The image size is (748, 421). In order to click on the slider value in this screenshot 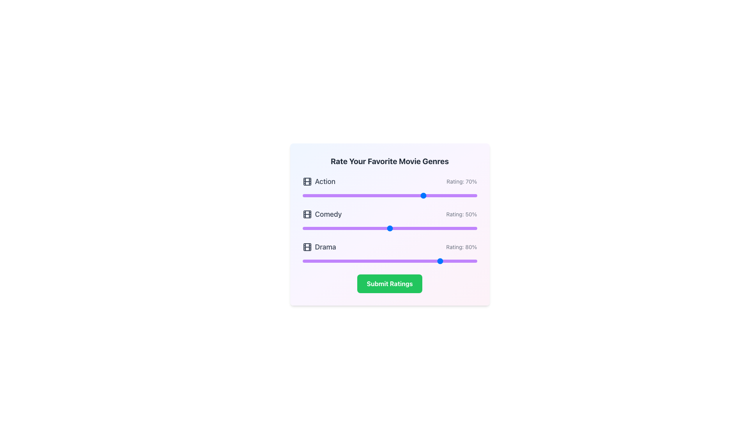, I will do `click(435, 261)`.